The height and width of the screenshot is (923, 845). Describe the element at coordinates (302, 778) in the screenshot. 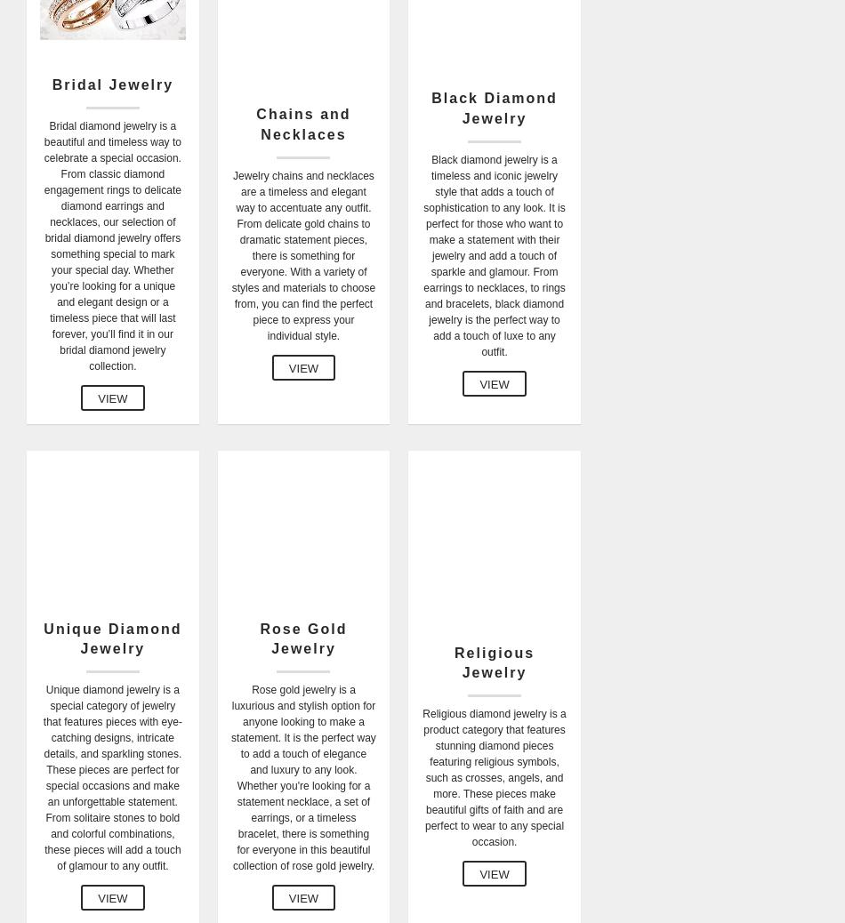

I see `'Rose gold jewelry is a luxurious and stylish option for anyone looking to make a statement. It is the perfect way to add a touch of elegance and luxury to any look. Whether you're looking for a statement necklace, a set of earrings, or a timeless bracelet, there is something for everyone in this beautiful collection of rose gold jewelry.'` at that location.